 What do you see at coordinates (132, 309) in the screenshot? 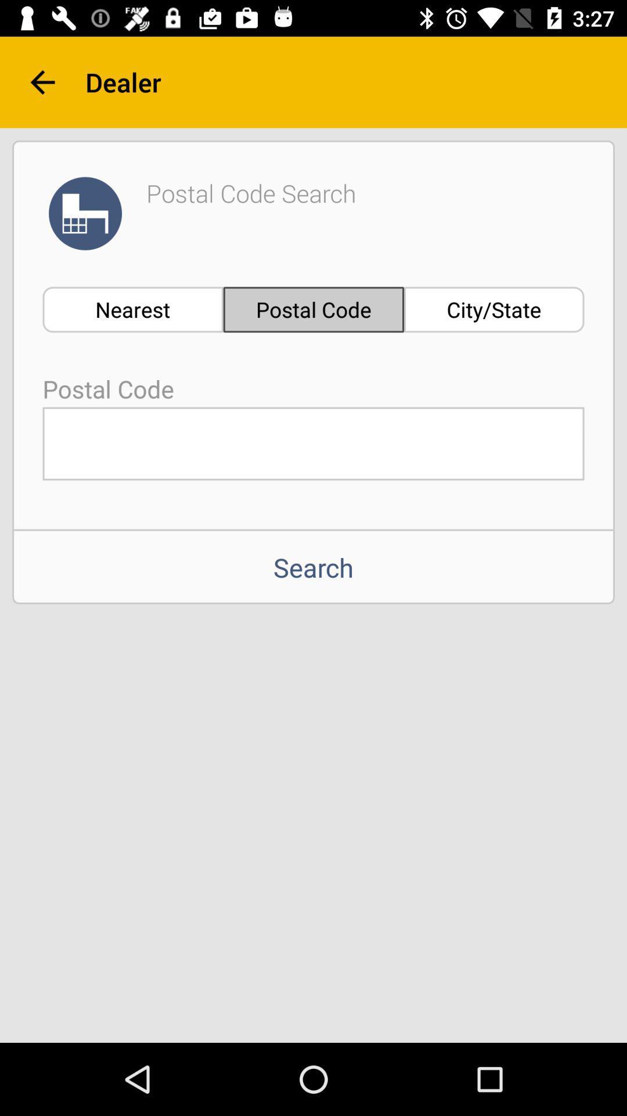
I see `item next to postal code icon` at bounding box center [132, 309].